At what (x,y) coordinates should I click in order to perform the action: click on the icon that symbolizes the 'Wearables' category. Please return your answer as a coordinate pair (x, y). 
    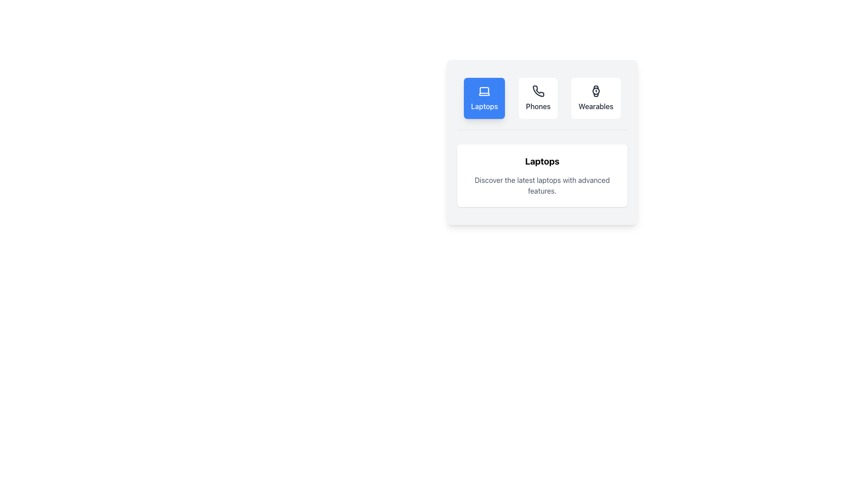
    Looking at the image, I should click on (596, 91).